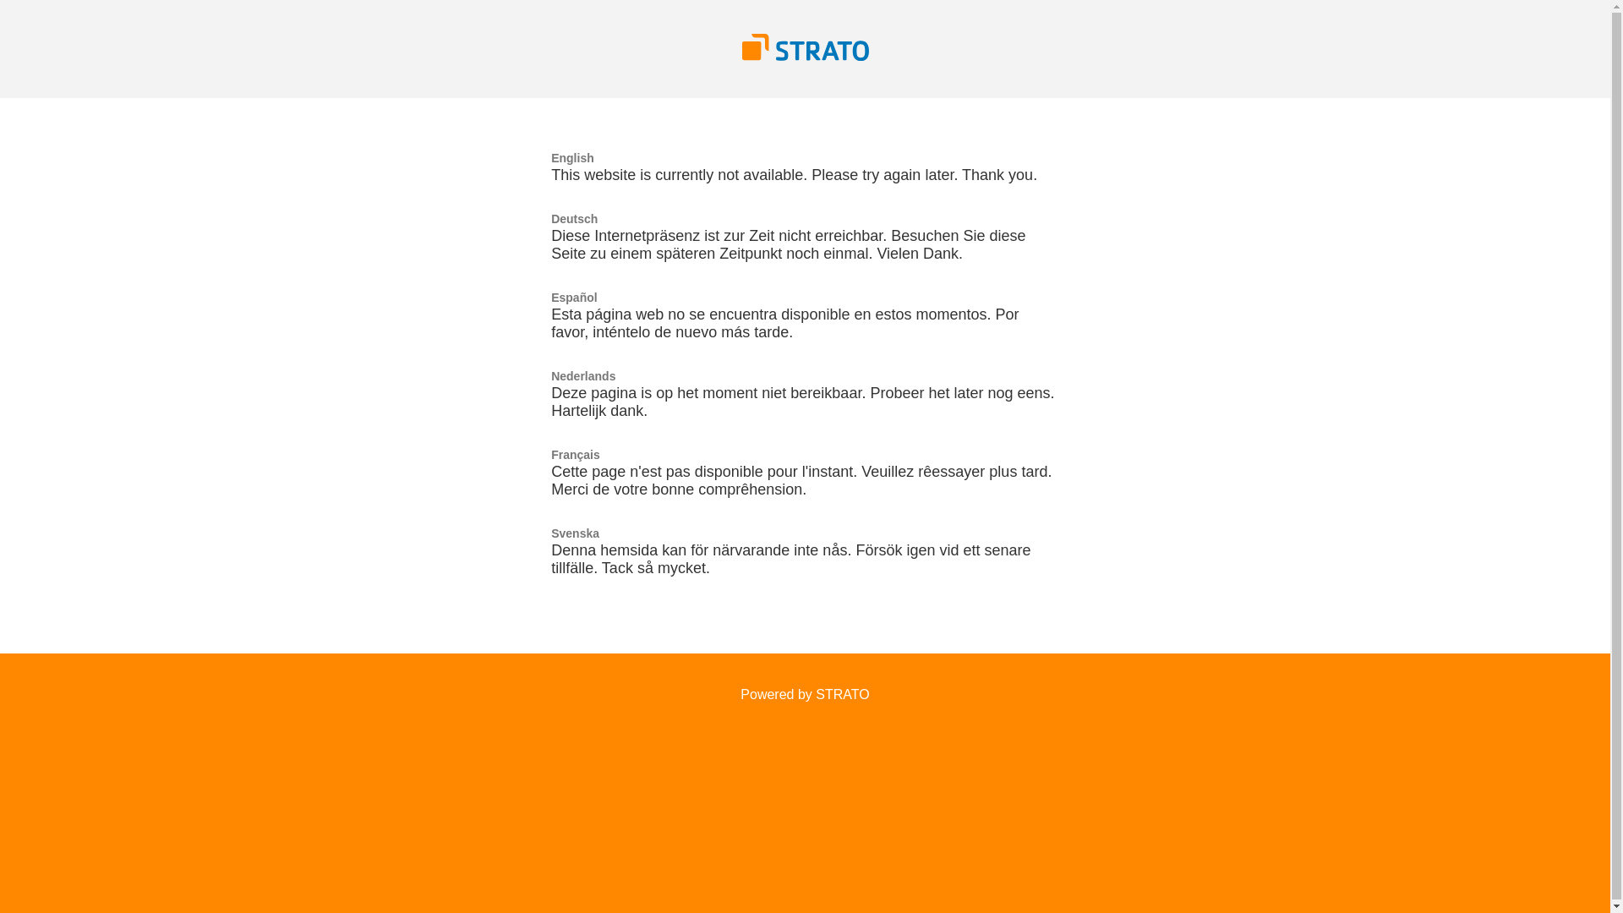 The height and width of the screenshot is (913, 1623). Describe the element at coordinates (803, 694) in the screenshot. I see `'Powered by STRATO'` at that location.